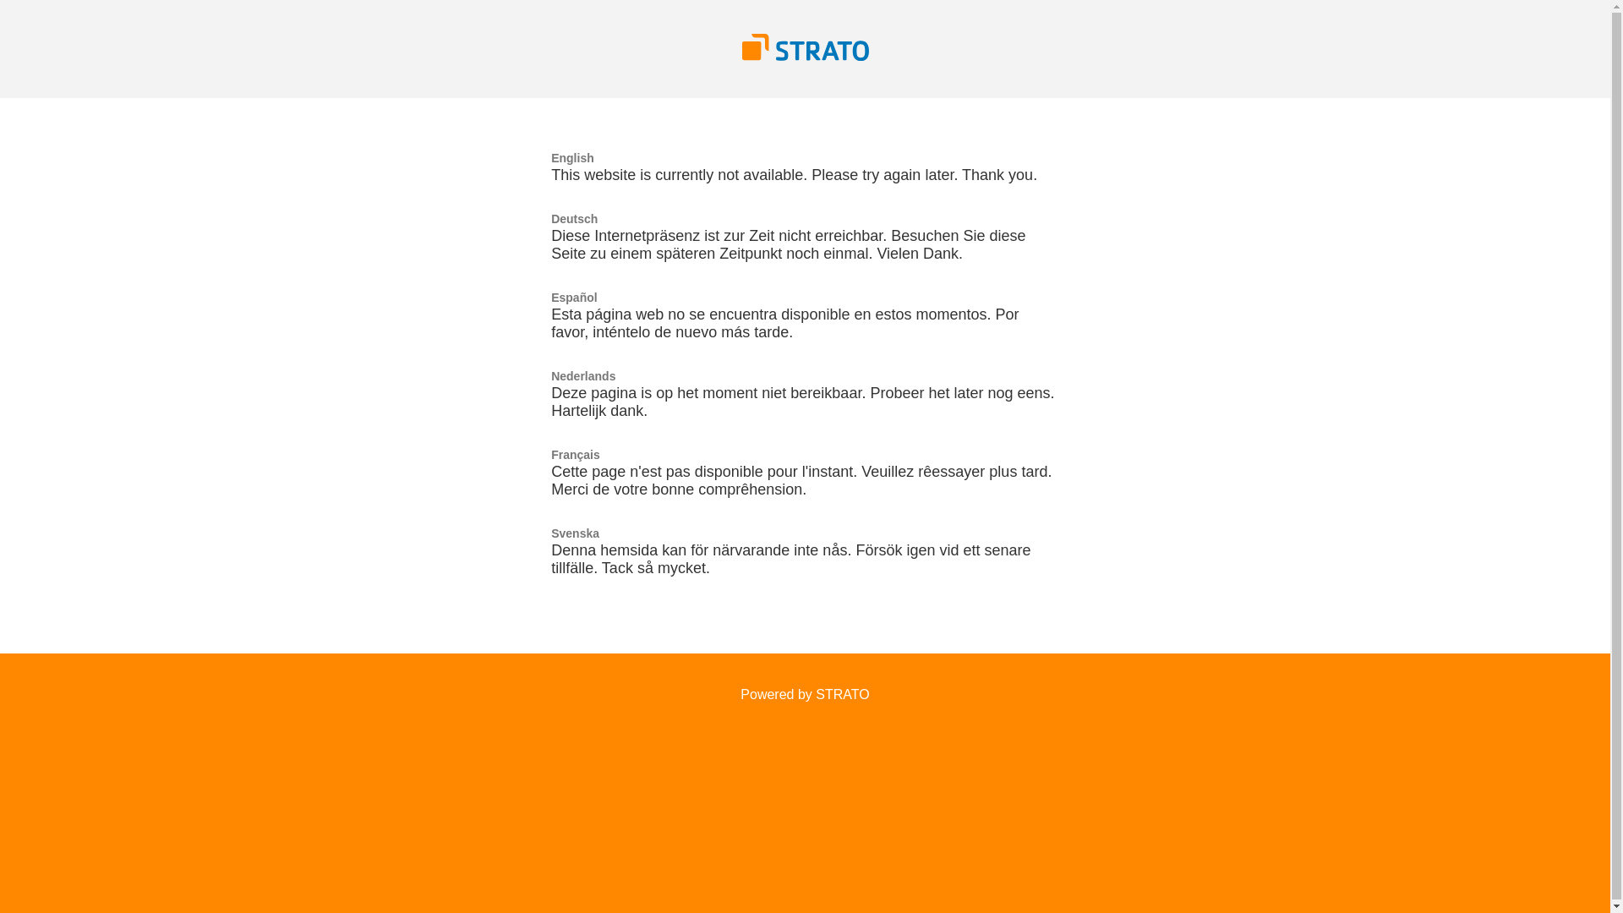 The height and width of the screenshot is (913, 1623). Describe the element at coordinates (803, 694) in the screenshot. I see `'Powered by STRATO'` at that location.